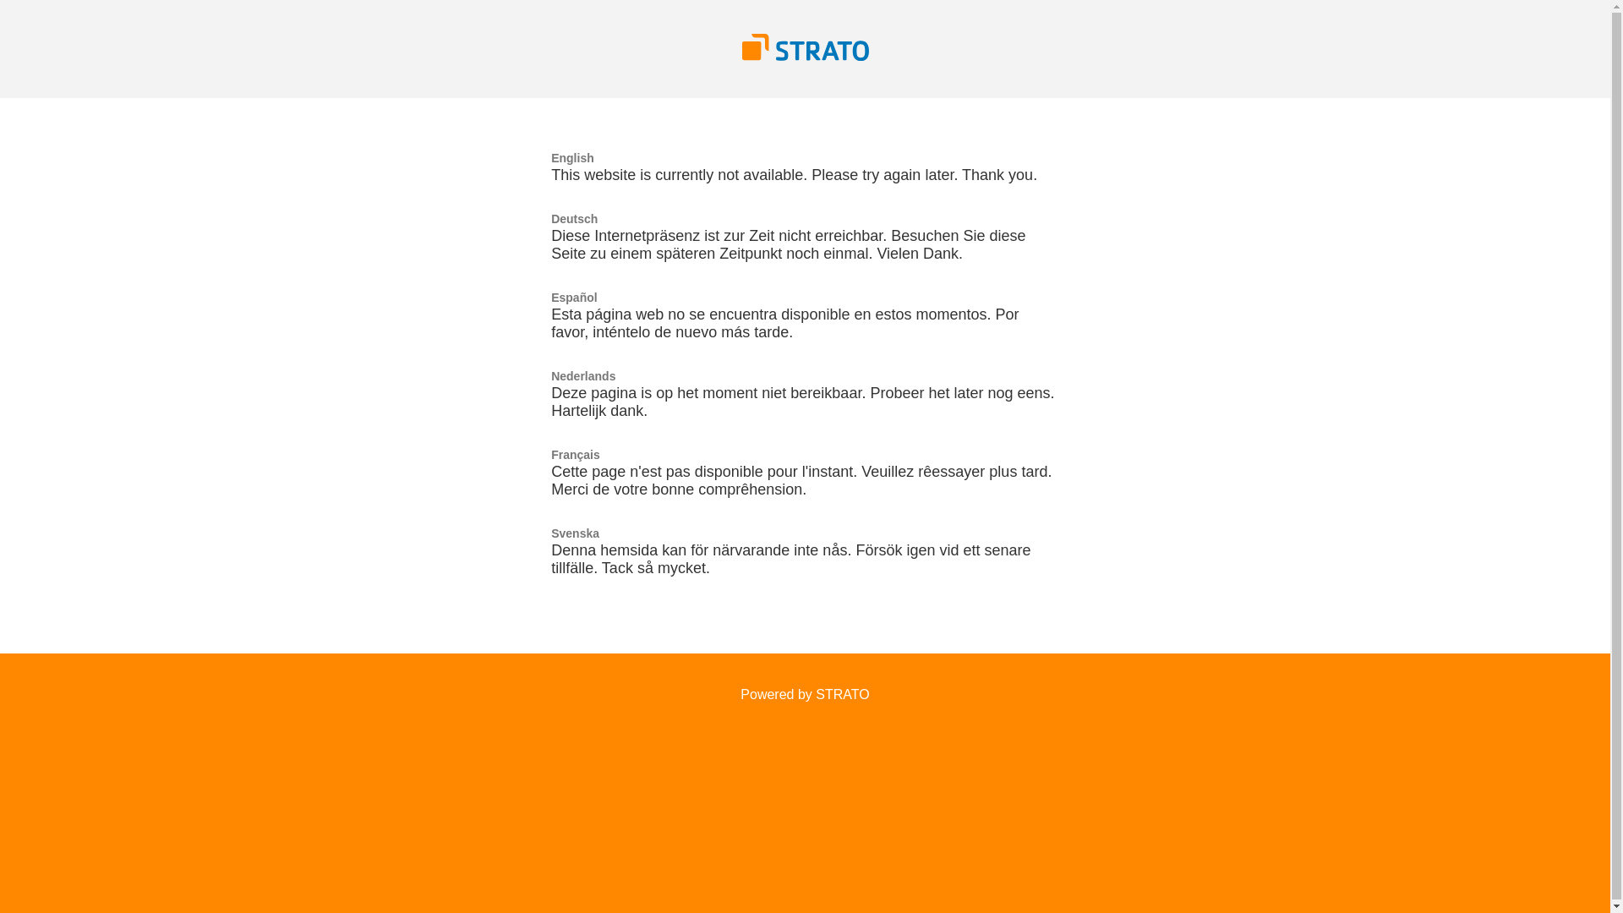 The height and width of the screenshot is (913, 1623). Describe the element at coordinates (803, 694) in the screenshot. I see `'Powered by STRATO'` at that location.